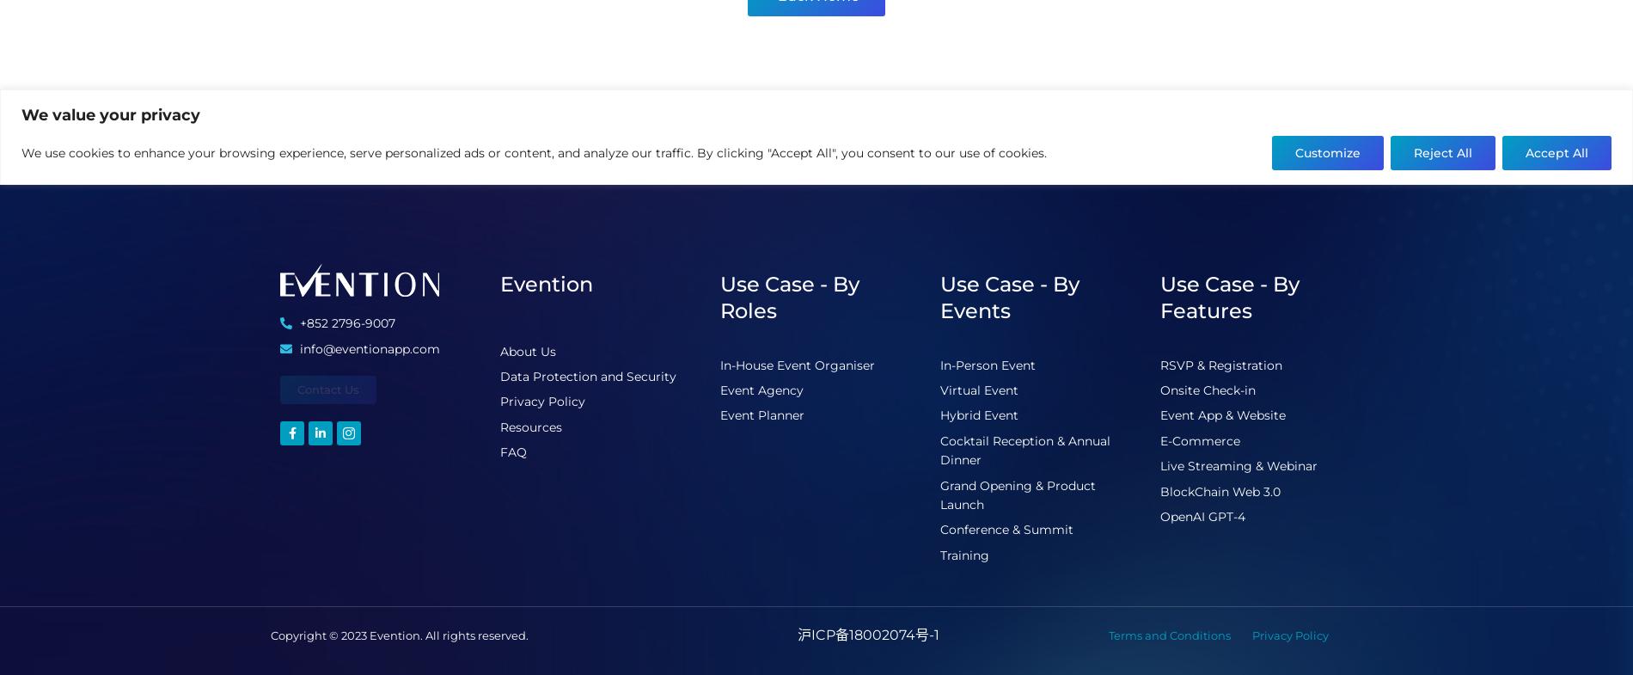 Image resolution: width=1633 pixels, height=675 pixels. What do you see at coordinates (528, 350) in the screenshot?
I see `'About Us'` at bounding box center [528, 350].